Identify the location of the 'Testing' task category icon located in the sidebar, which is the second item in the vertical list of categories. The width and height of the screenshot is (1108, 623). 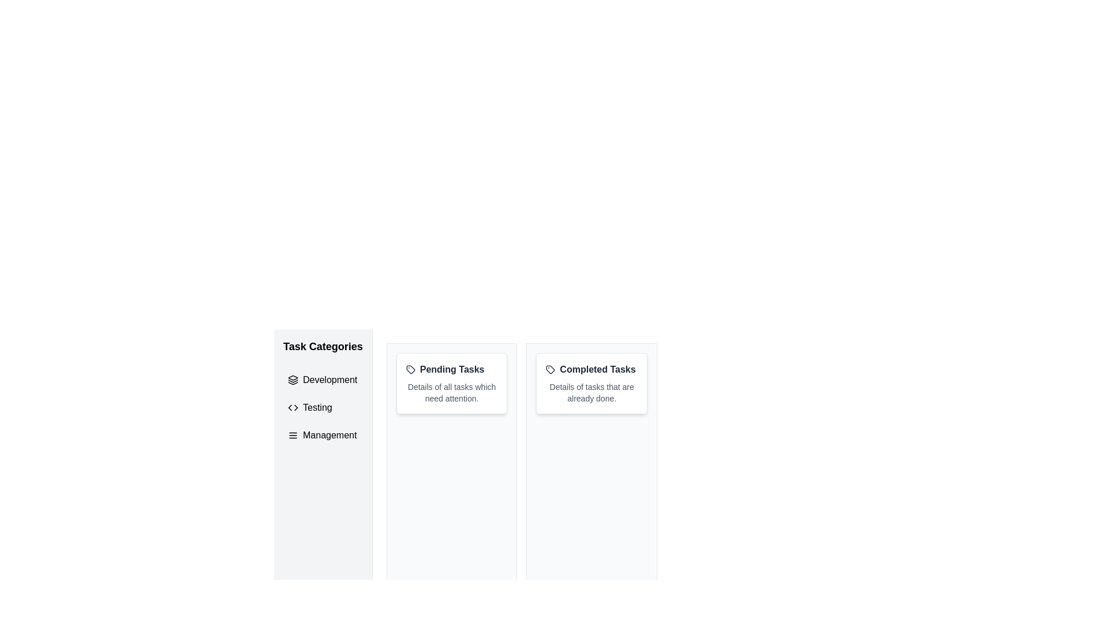
(293, 407).